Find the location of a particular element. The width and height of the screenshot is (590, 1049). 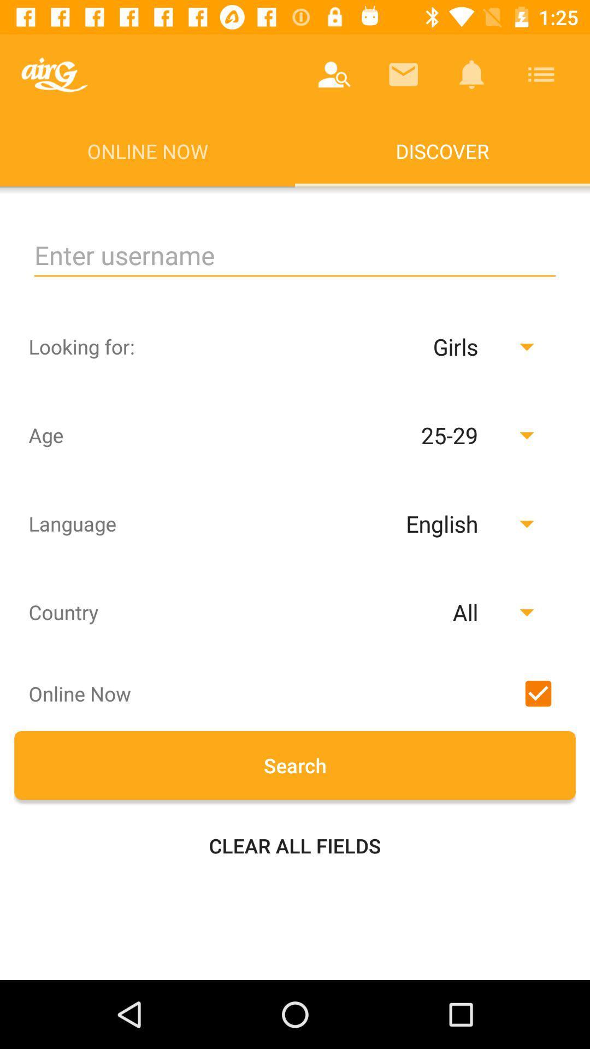

drop down button of language is located at coordinates (415, 523).